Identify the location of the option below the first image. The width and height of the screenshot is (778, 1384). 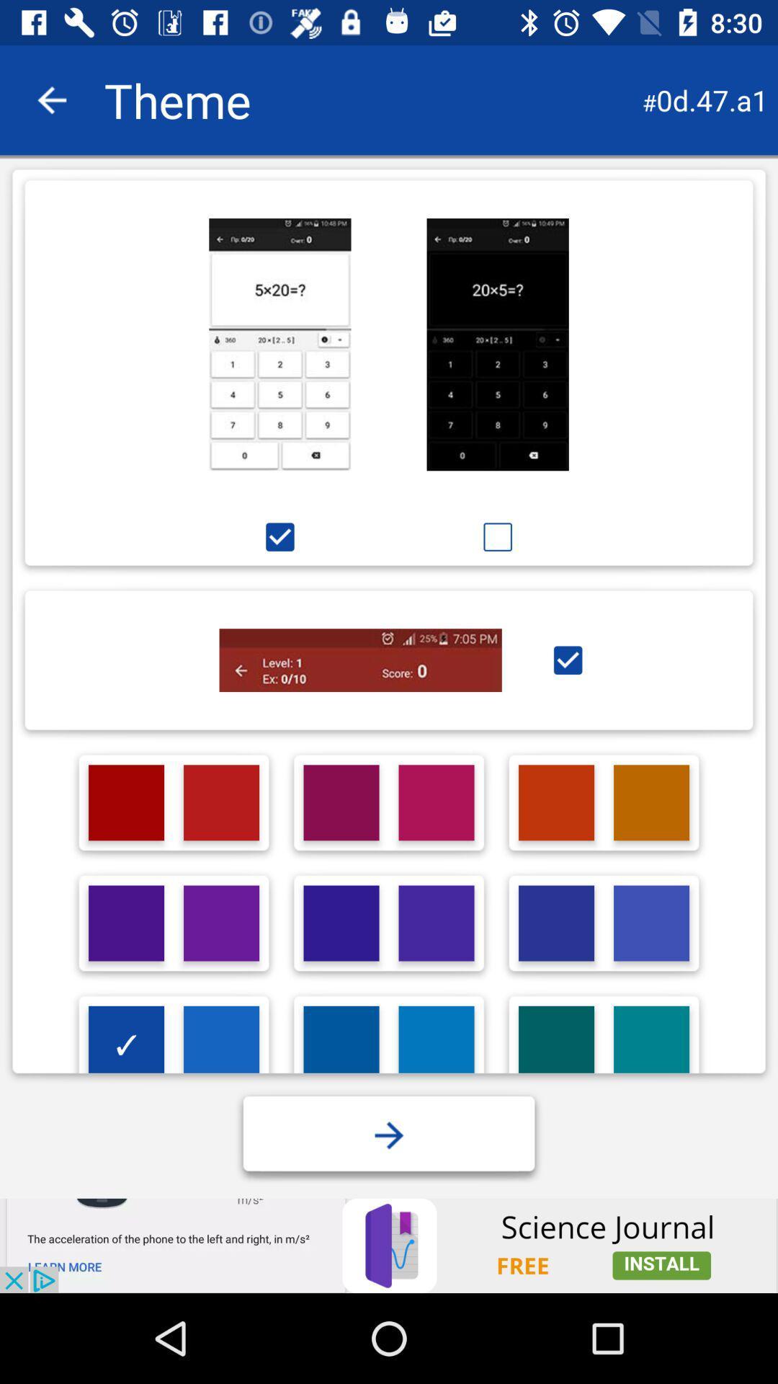
(280, 536).